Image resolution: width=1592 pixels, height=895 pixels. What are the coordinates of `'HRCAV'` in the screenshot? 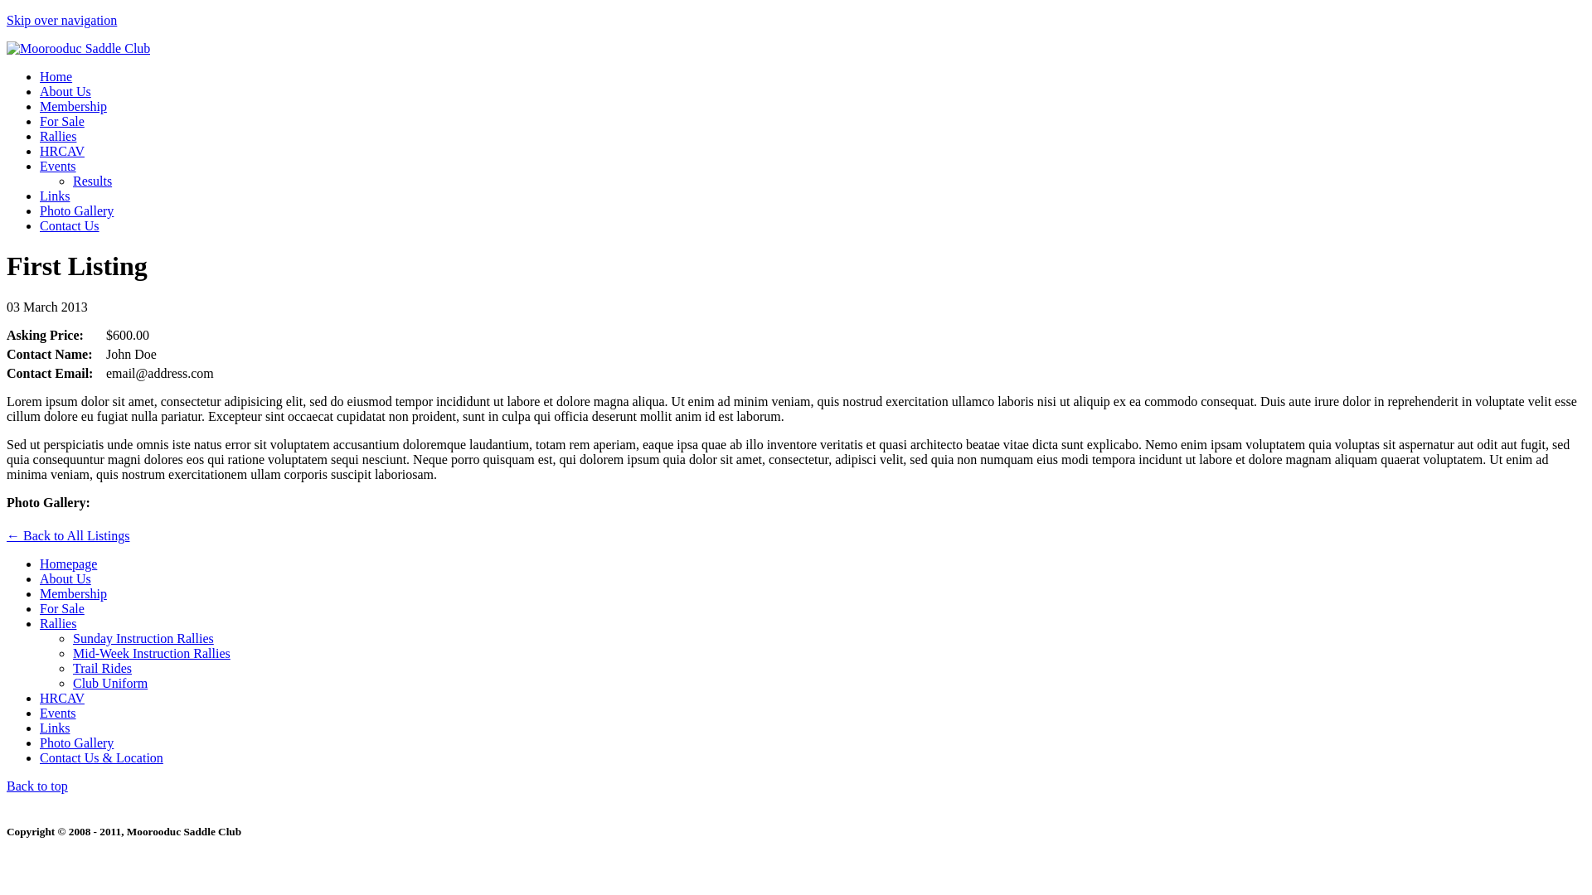 It's located at (62, 151).